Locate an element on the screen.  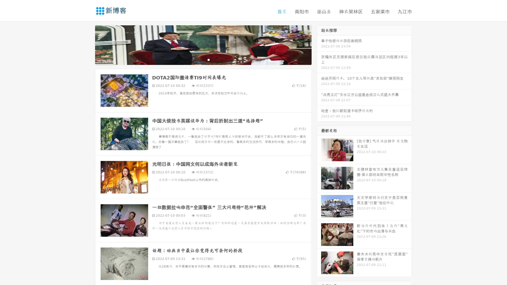
Go to slide 3 is located at coordinates (208, 59).